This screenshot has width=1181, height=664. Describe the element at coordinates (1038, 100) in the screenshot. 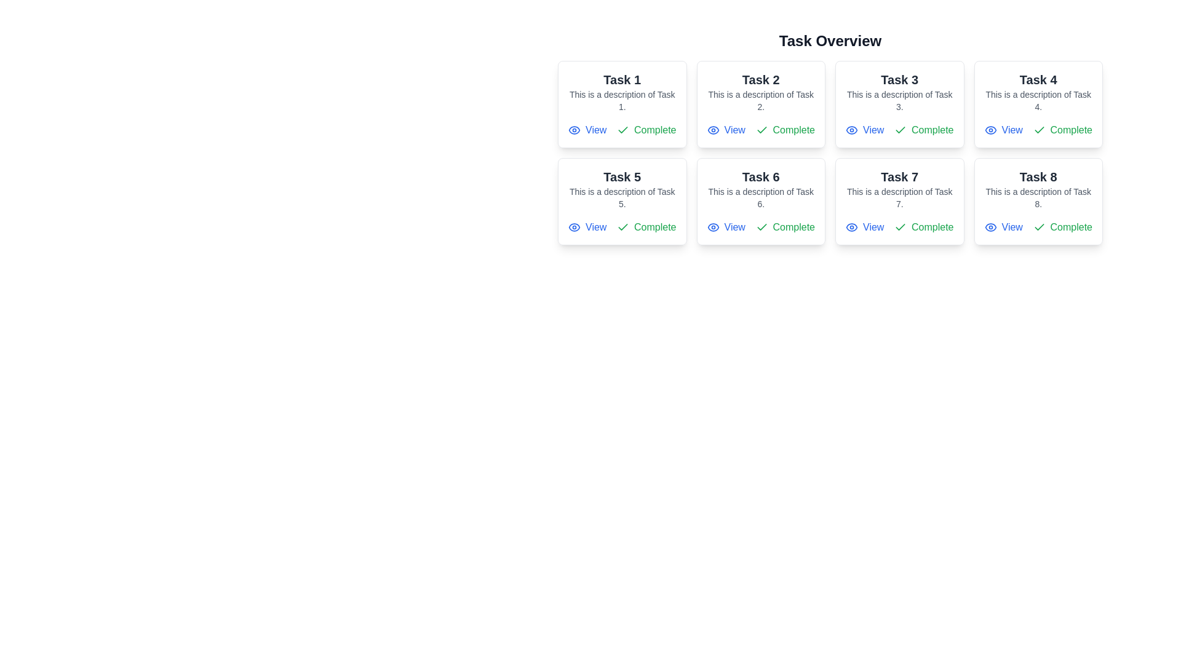

I see `the text element displaying the message 'This is a description of Task 4.' which is positioned below the heading 'Task 4' and above the elements labeled 'View' and 'Complete'` at that location.